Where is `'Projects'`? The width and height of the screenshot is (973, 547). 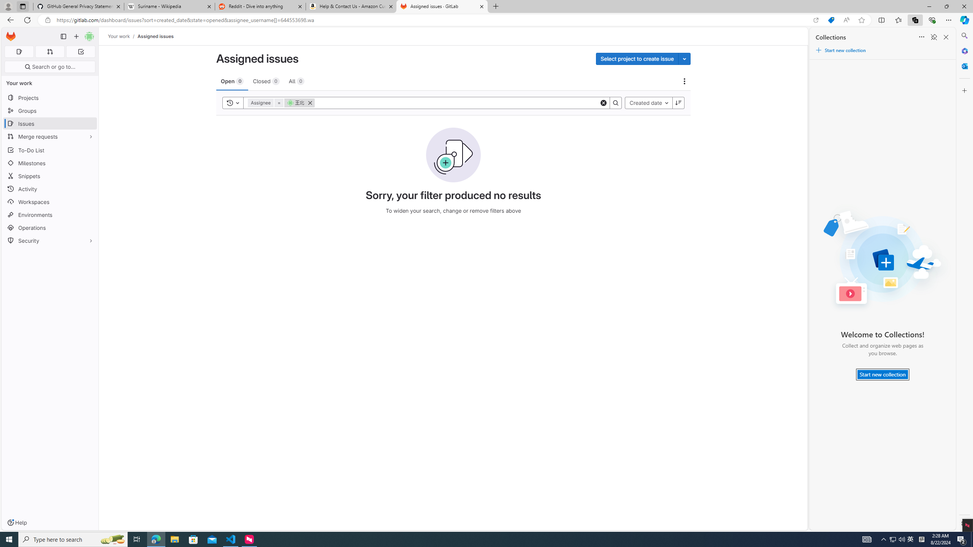 'Projects' is located at coordinates (49, 97).